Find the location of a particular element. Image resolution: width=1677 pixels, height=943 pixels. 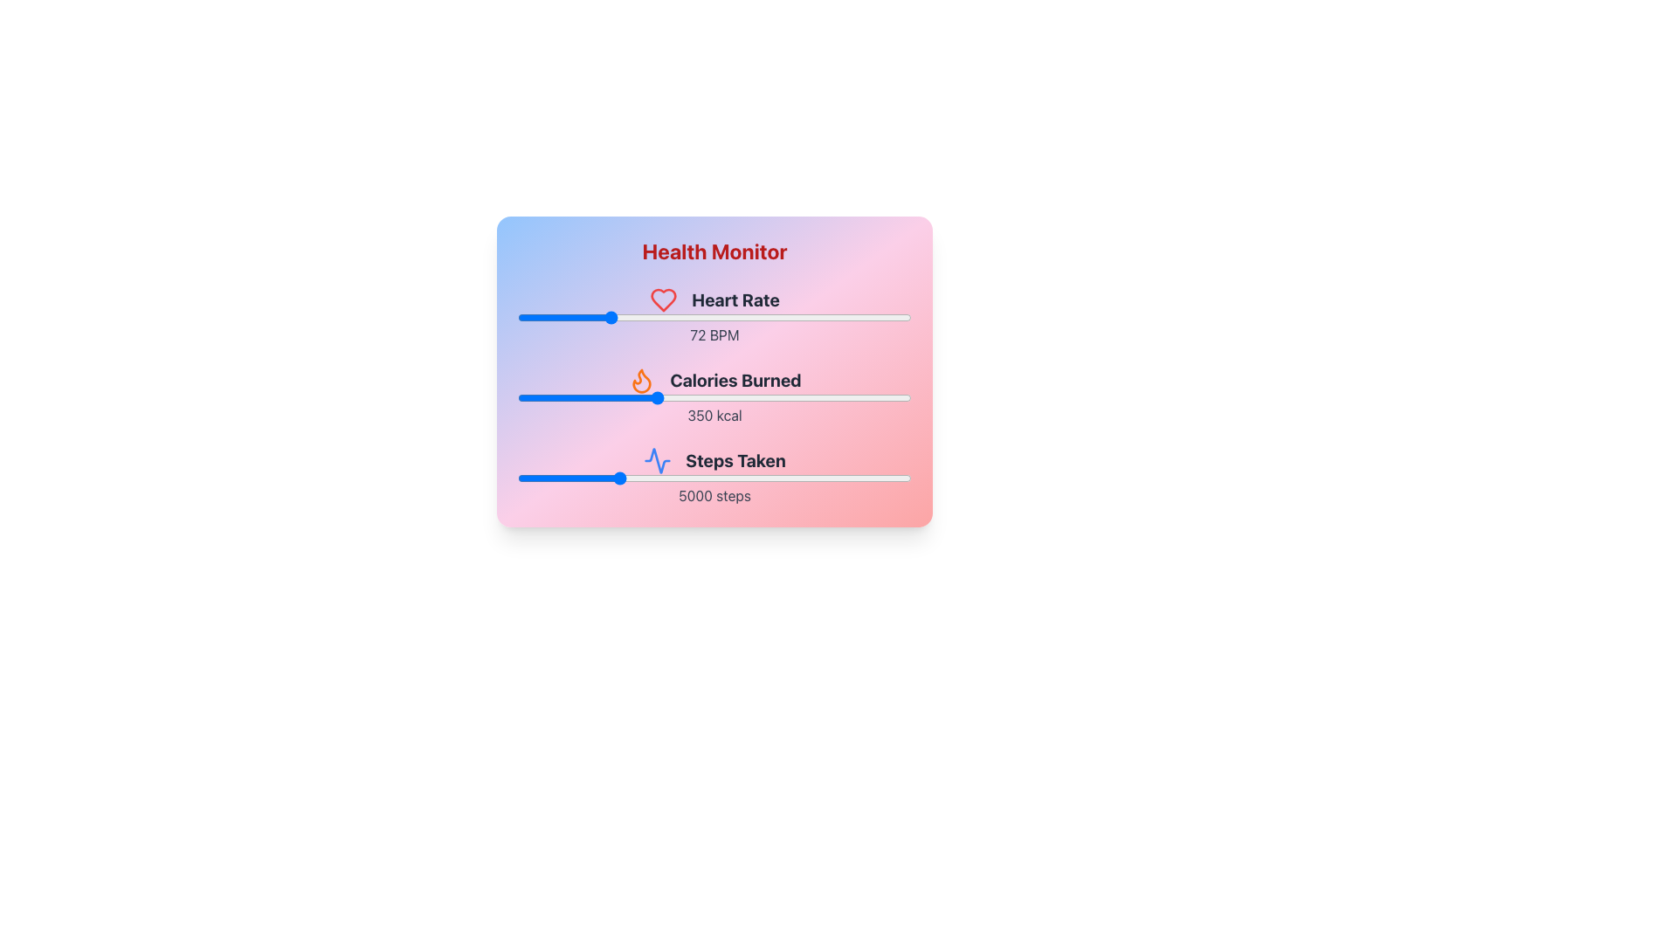

heart rate is located at coordinates (781, 317).